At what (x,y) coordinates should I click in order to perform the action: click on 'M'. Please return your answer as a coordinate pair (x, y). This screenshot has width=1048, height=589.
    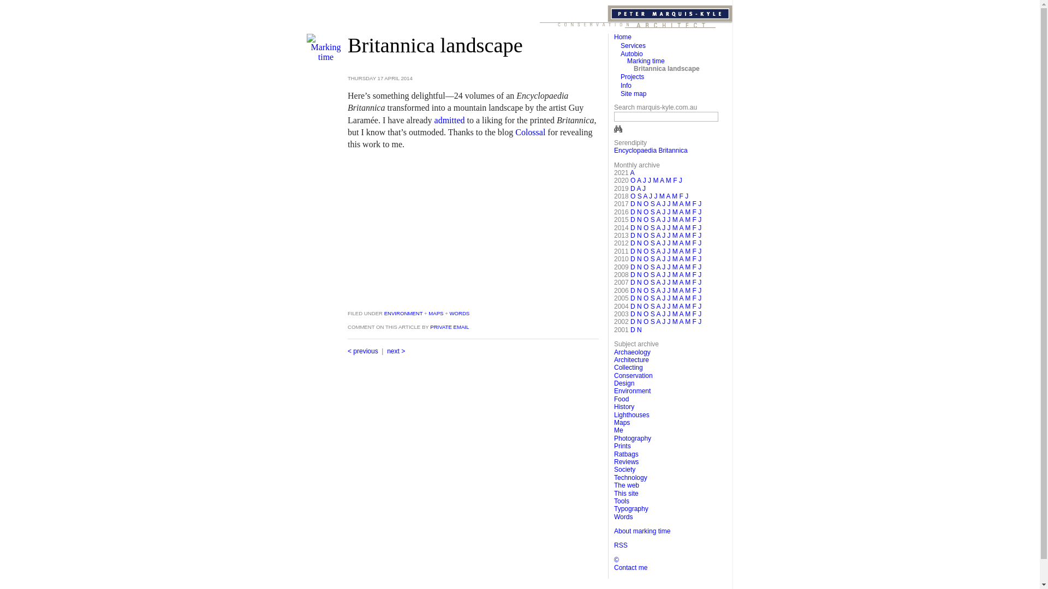
    Looking at the image, I should click on (672, 235).